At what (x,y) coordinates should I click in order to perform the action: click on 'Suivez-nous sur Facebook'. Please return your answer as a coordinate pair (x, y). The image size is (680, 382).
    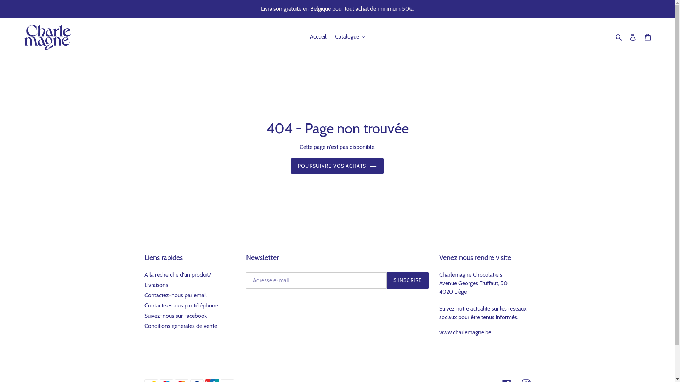
    Looking at the image, I should click on (175, 315).